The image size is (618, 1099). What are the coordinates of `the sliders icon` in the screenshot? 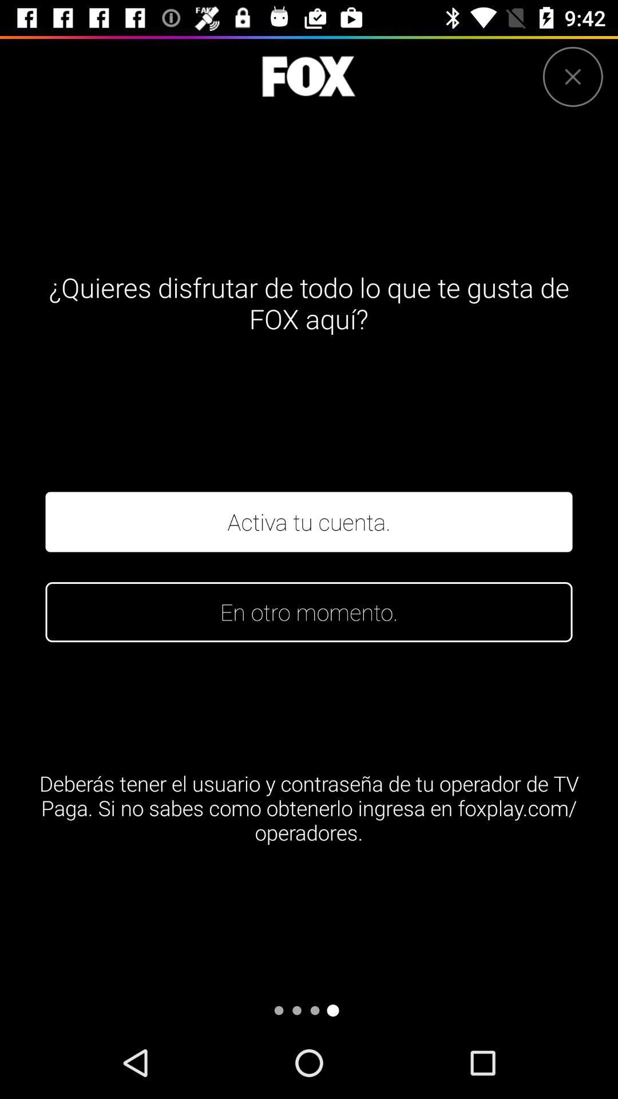 It's located at (308, 76).